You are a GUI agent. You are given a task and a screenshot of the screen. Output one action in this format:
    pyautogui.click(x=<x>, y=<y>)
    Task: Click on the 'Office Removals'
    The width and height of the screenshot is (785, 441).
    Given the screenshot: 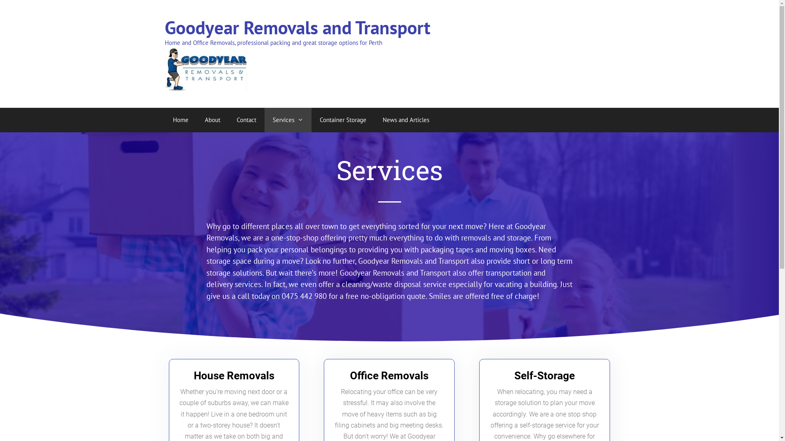 What is the action you would take?
    pyautogui.click(x=388, y=376)
    